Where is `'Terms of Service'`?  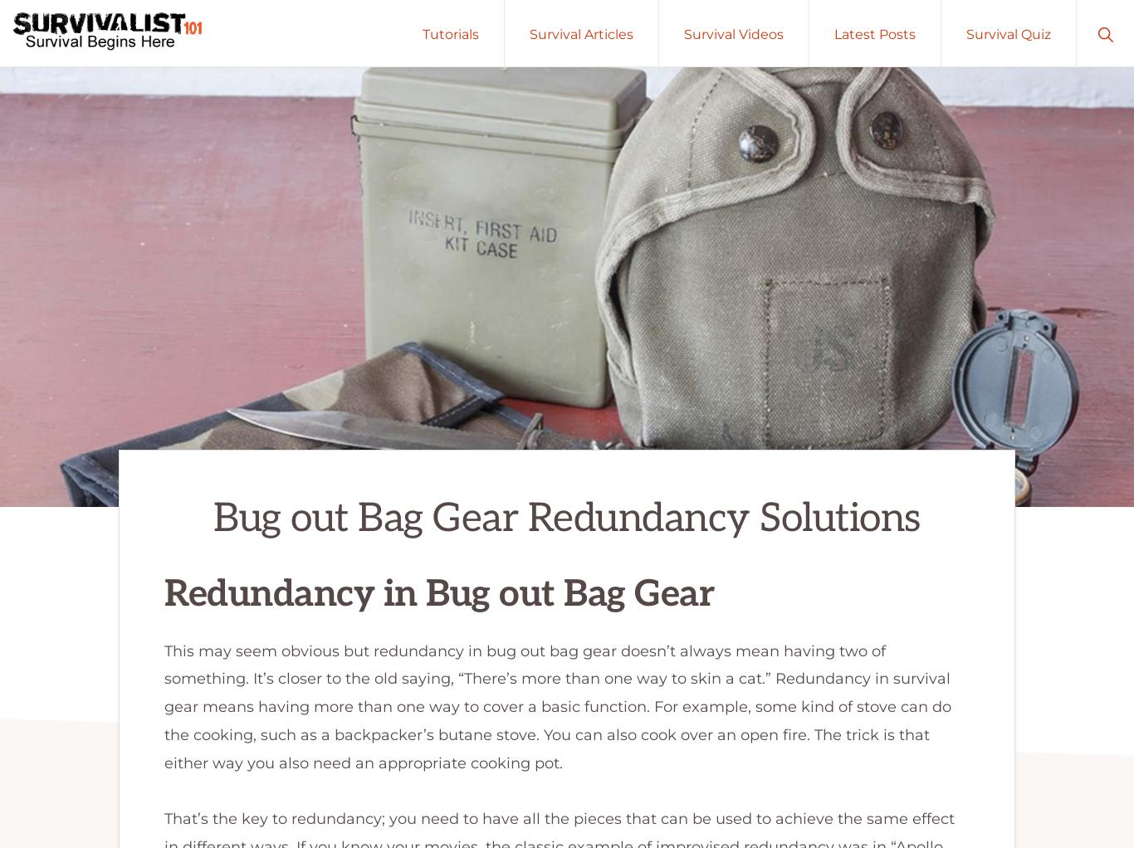 'Terms of Service' is located at coordinates (1022, 694).